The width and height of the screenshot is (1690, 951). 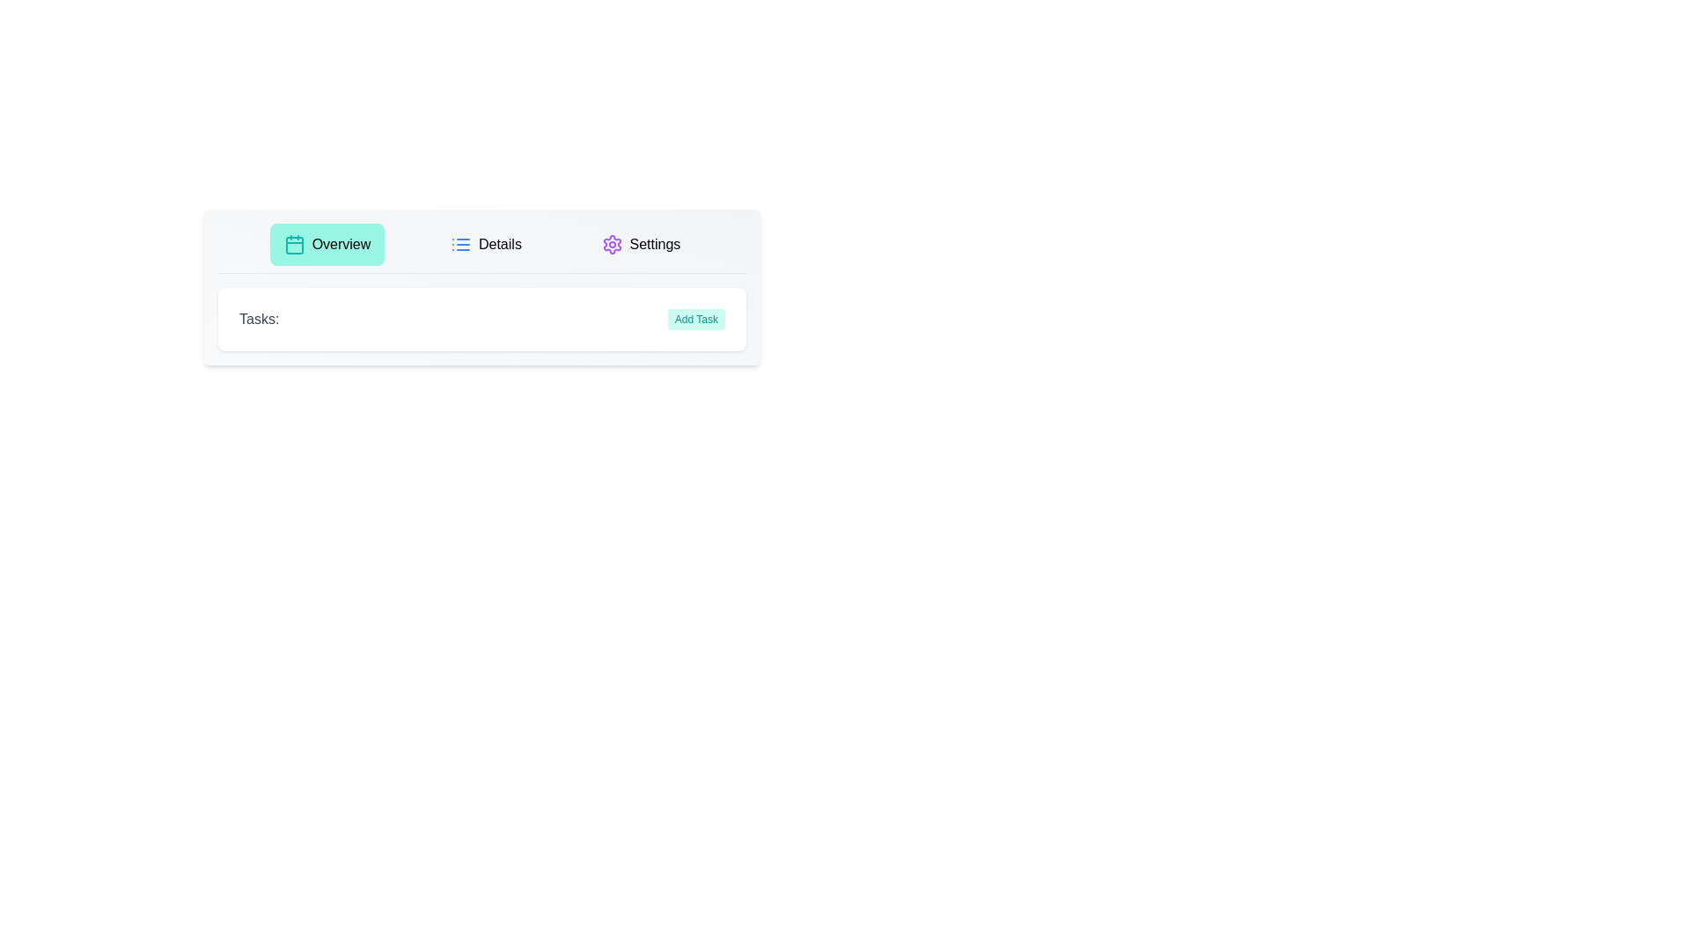 What do you see at coordinates (486, 244) in the screenshot?
I see `the Details tab` at bounding box center [486, 244].